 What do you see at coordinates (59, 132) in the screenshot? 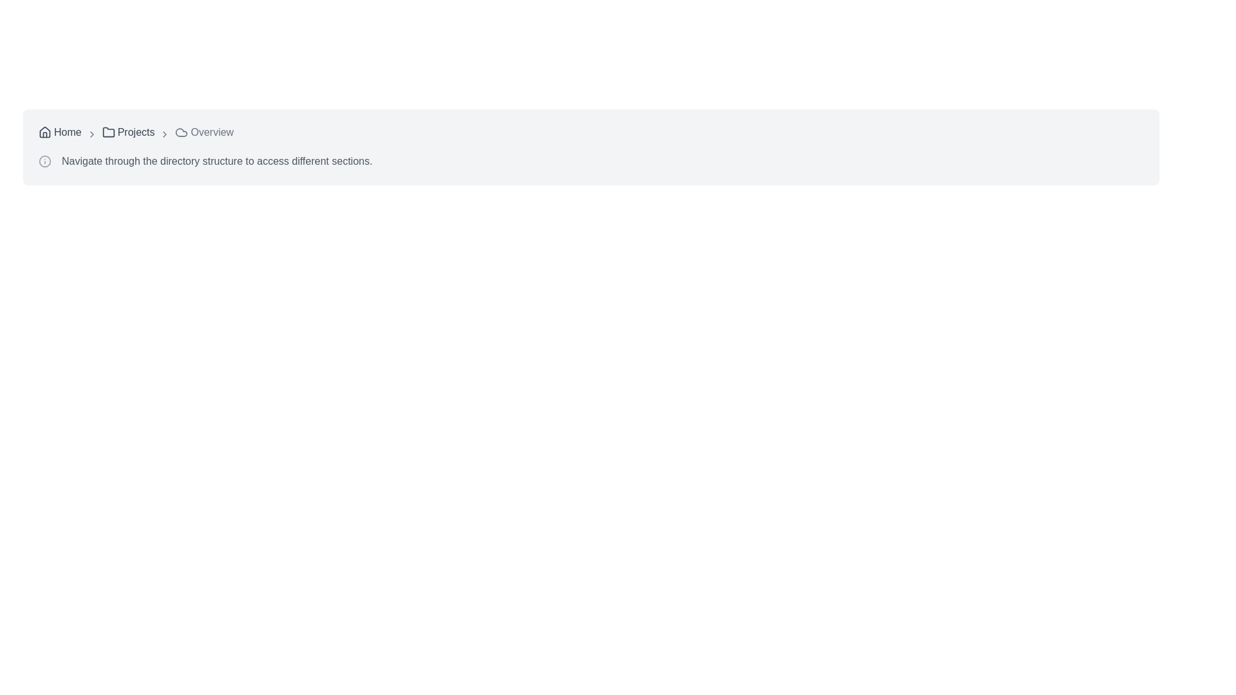
I see `the navigational link with an icon located in the top-left corner of the breadcrumb navigation bar to redirect to the home page` at bounding box center [59, 132].